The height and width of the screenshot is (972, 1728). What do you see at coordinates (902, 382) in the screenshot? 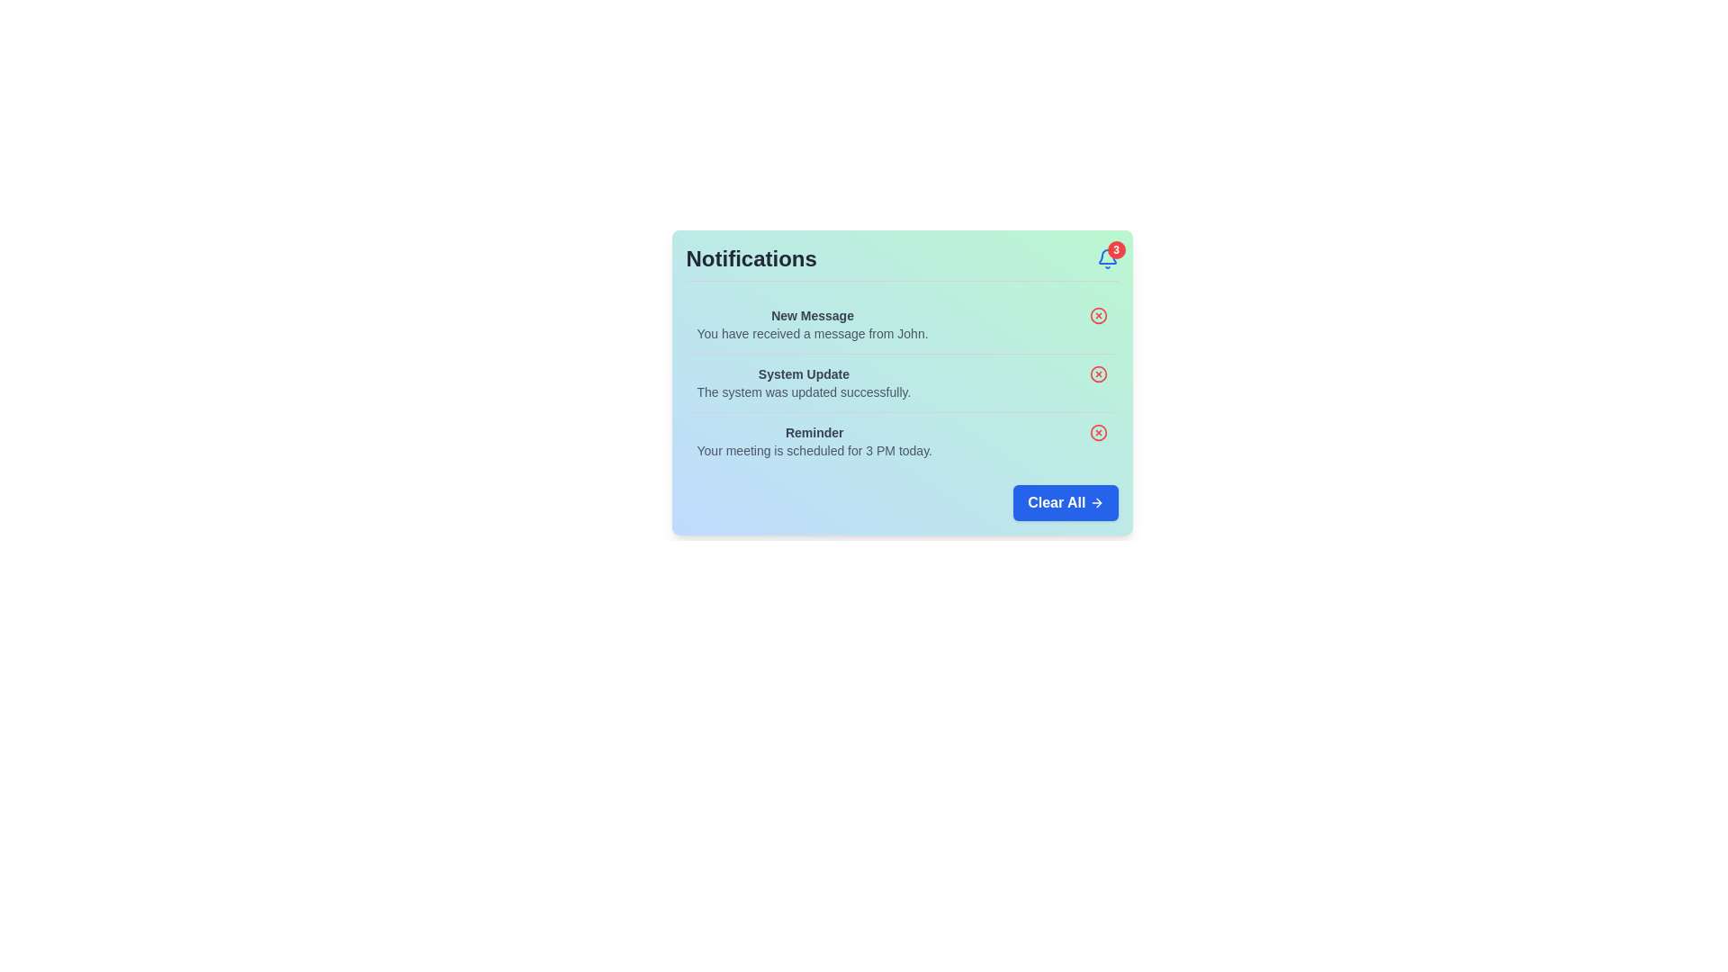
I see `the second notification card in the notification panel that informs the user about a successful system update` at bounding box center [902, 382].